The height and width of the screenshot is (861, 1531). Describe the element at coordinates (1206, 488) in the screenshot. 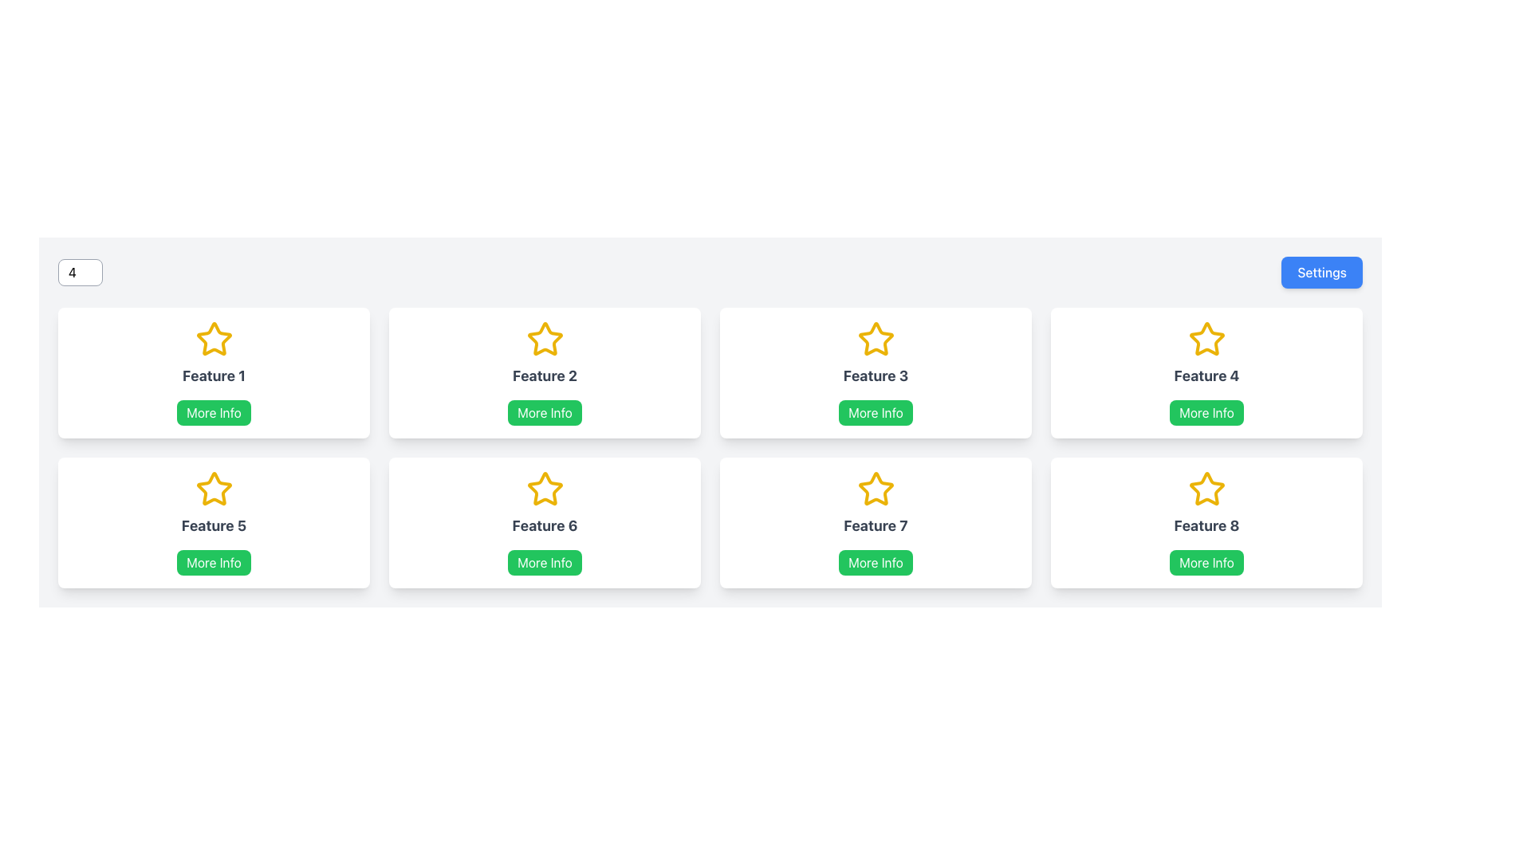

I see `the star icon located above the text 'Feature 8' on the card within the grid, symbolizing importance or popularity` at that location.